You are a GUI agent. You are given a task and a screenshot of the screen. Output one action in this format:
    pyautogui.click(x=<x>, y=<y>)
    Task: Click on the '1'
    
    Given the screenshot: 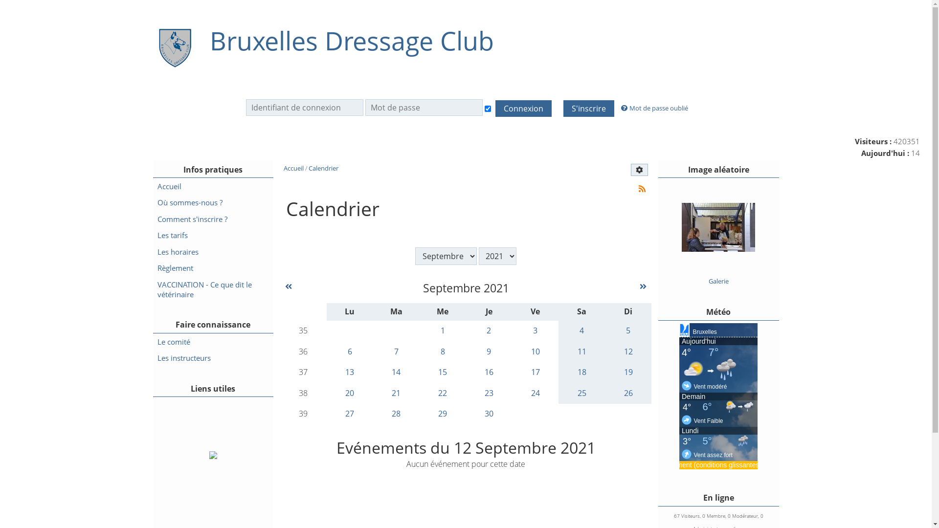 What is the action you would take?
    pyautogui.click(x=442, y=330)
    